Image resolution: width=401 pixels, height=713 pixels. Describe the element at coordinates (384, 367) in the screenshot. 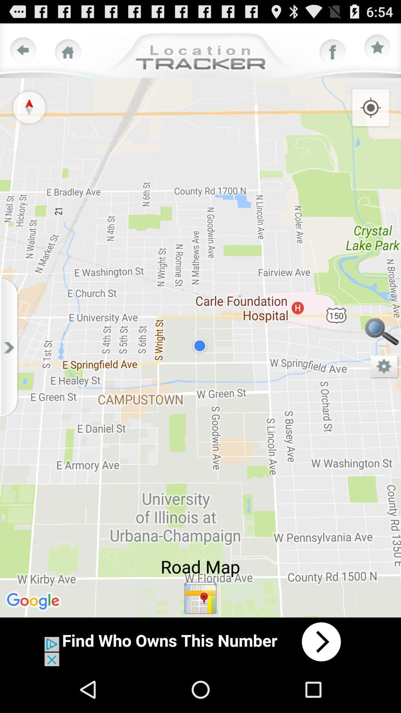

I see `setting in privacy` at that location.